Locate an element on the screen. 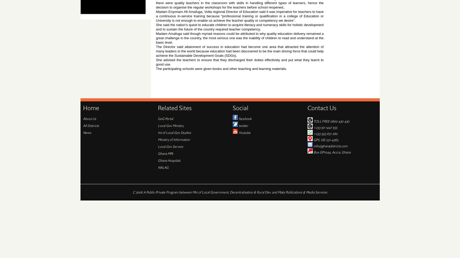 This screenshot has width=460, height=258. 'Box GP1044, Accra, Ghana' is located at coordinates (331, 152).